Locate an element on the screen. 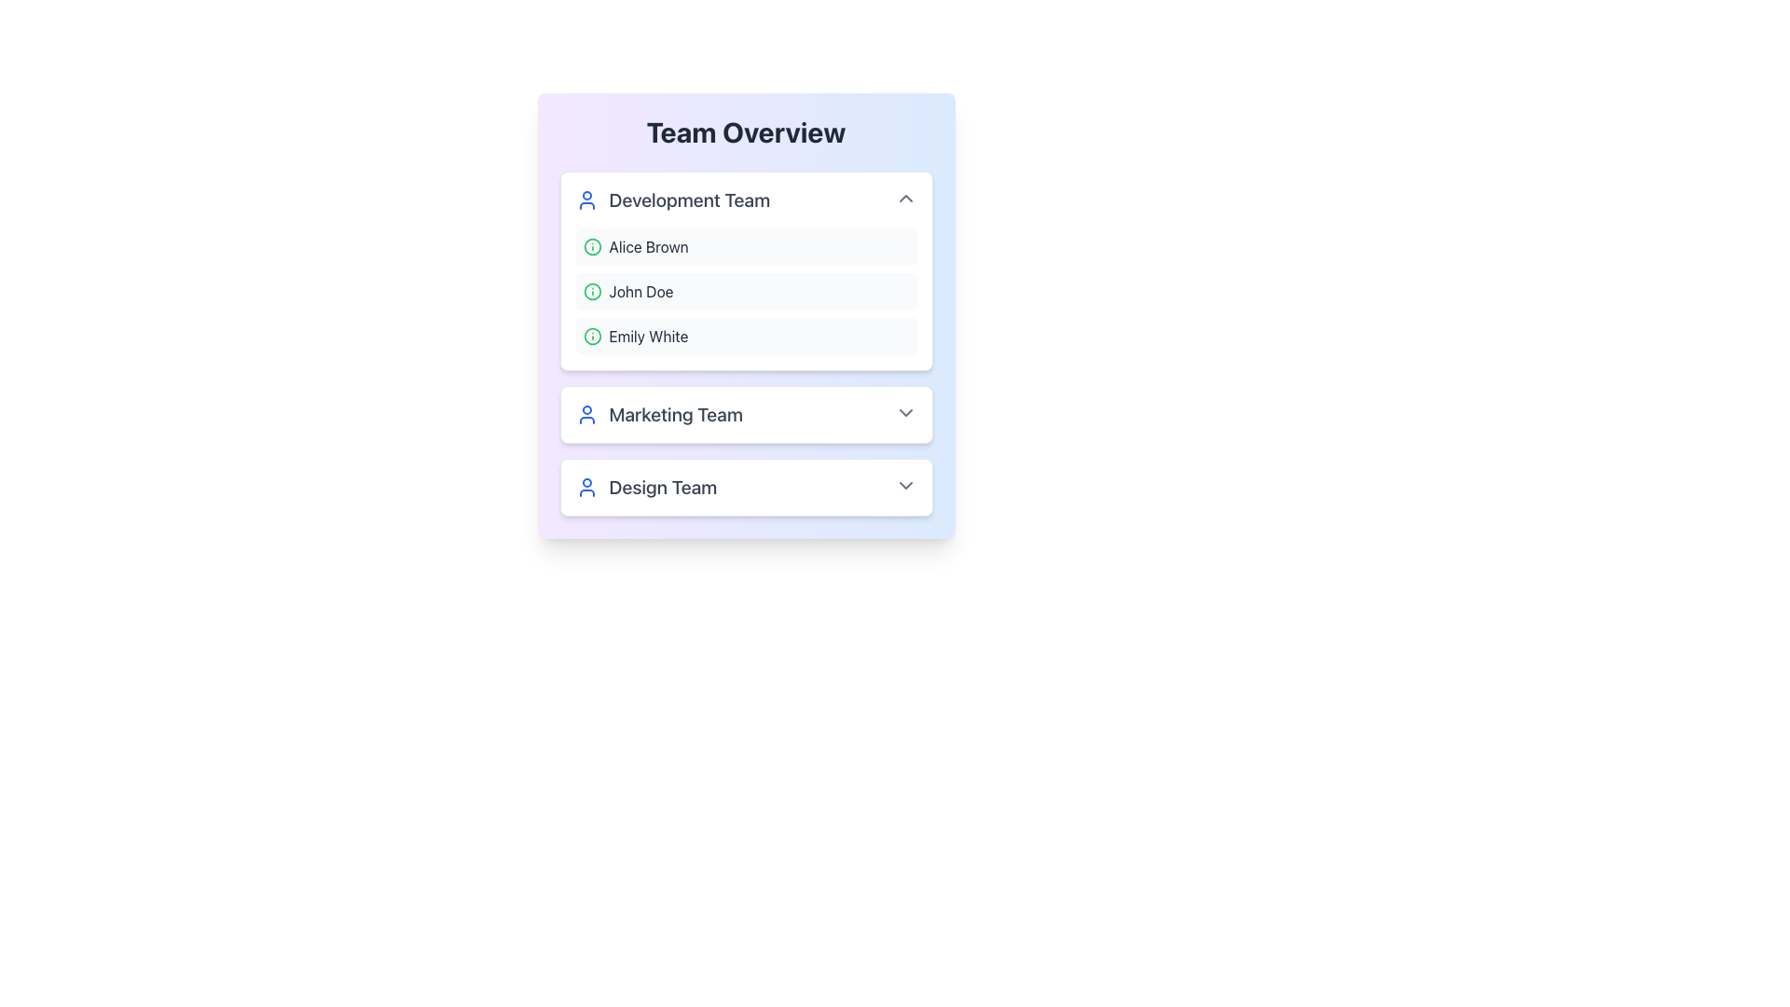  the 'Design Team' dropdown menu option is located at coordinates (746, 487).